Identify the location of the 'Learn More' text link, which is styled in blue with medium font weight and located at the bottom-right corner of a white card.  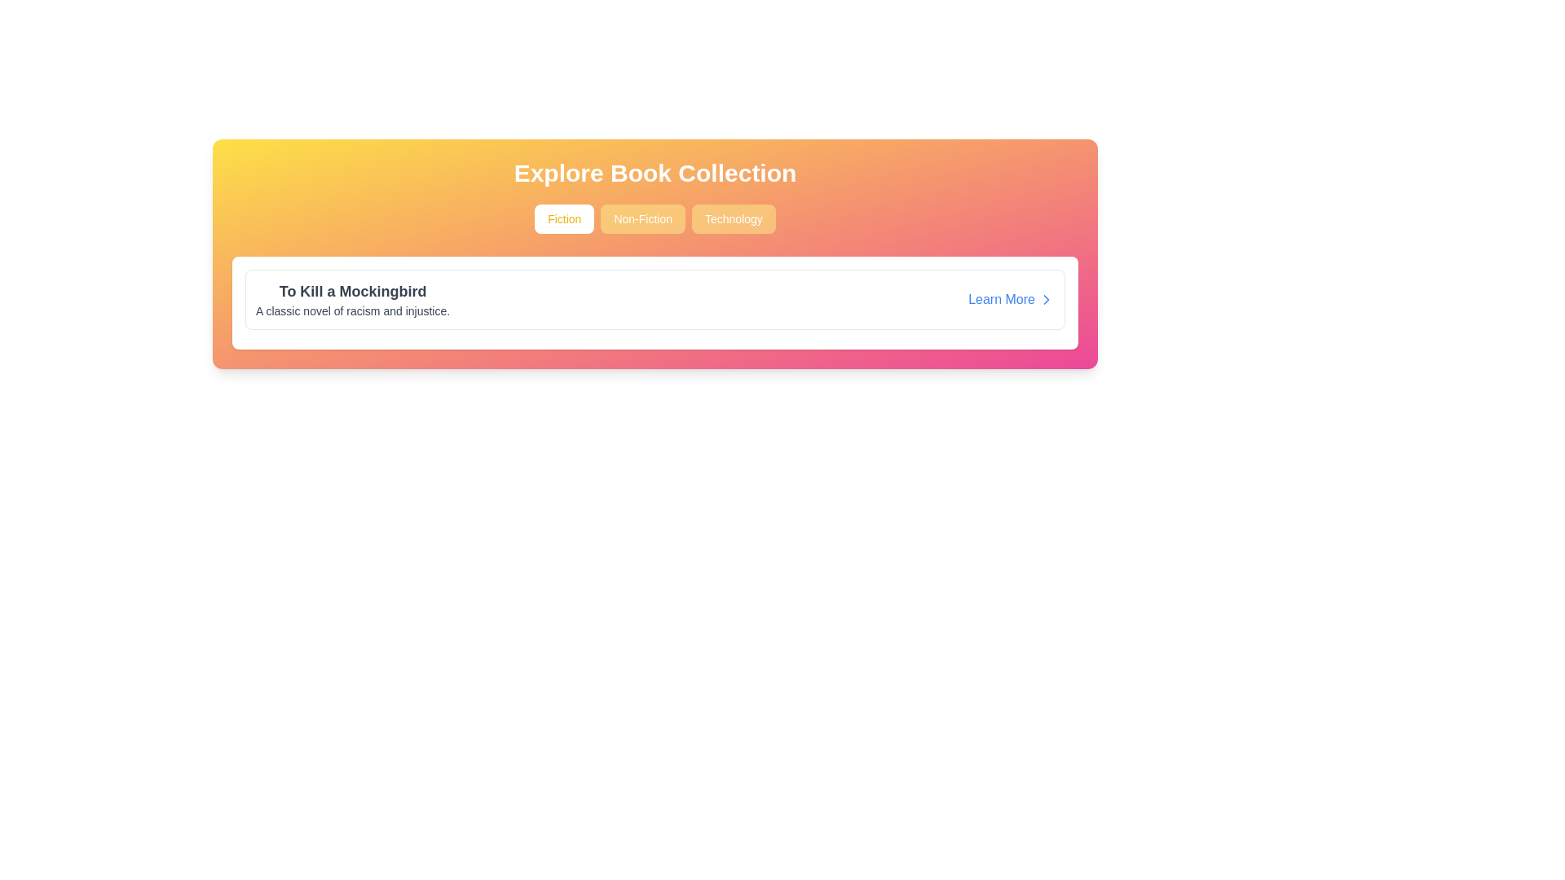
(1001, 299).